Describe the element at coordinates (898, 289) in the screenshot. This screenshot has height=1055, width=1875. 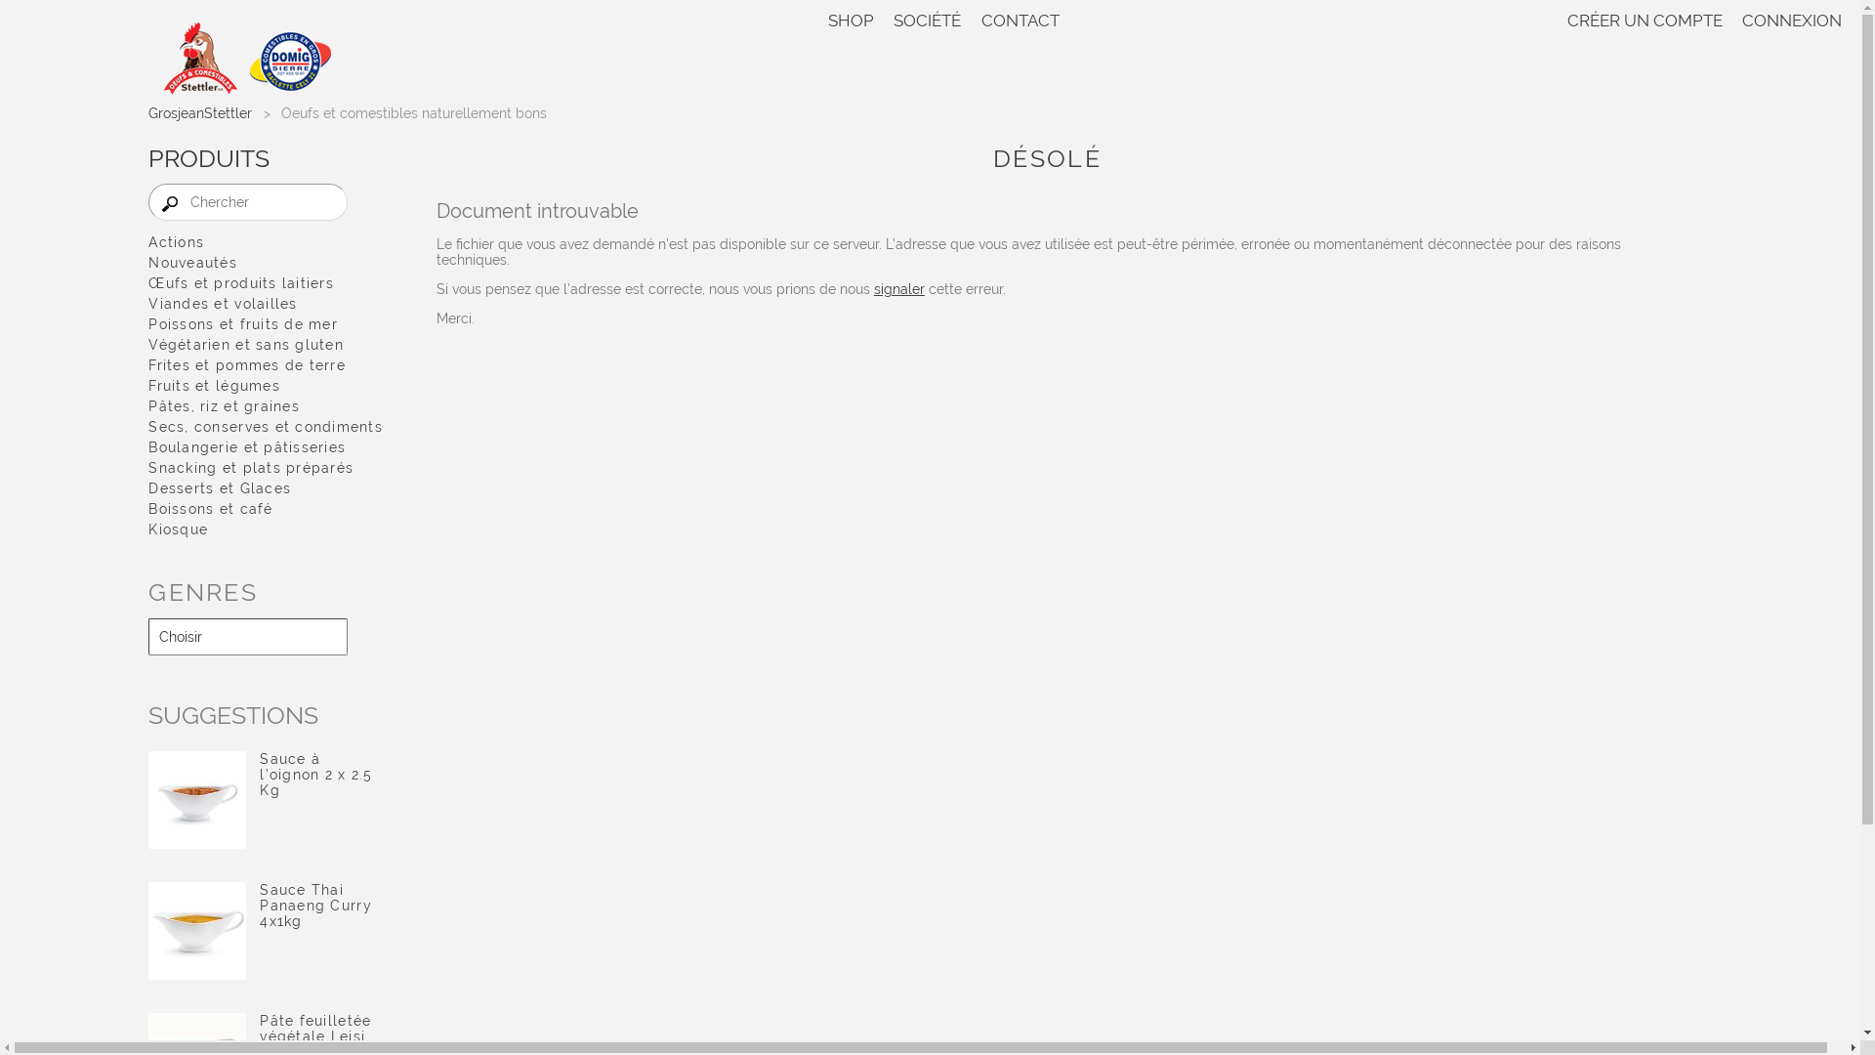
I see `'signaler'` at that location.